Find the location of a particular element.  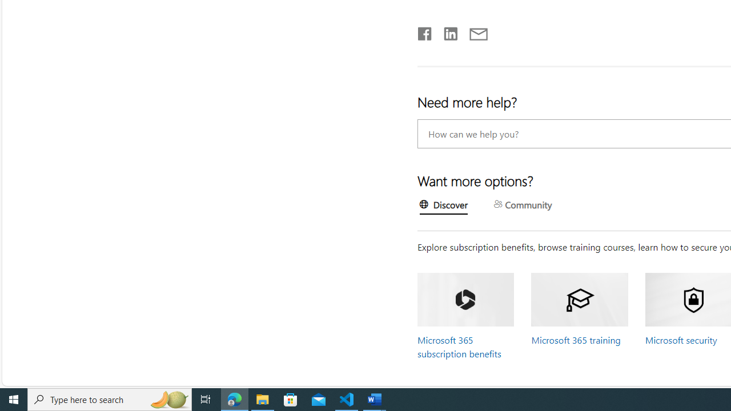

'Email' is located at coordinates (478, 31).